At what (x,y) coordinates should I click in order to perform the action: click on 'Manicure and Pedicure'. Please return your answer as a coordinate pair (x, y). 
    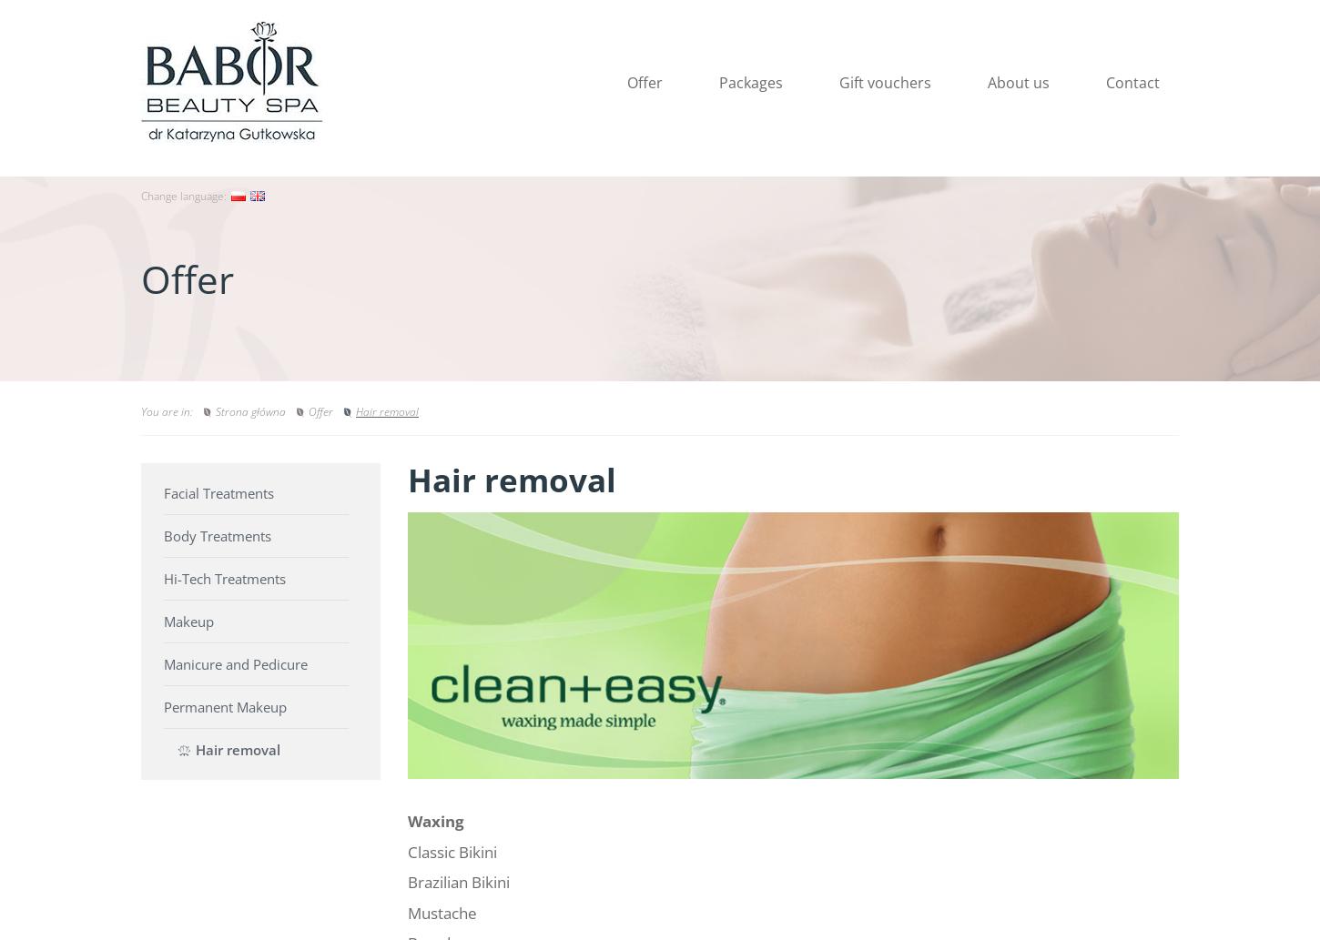
    Looking at the image, I should click on (235, 664).